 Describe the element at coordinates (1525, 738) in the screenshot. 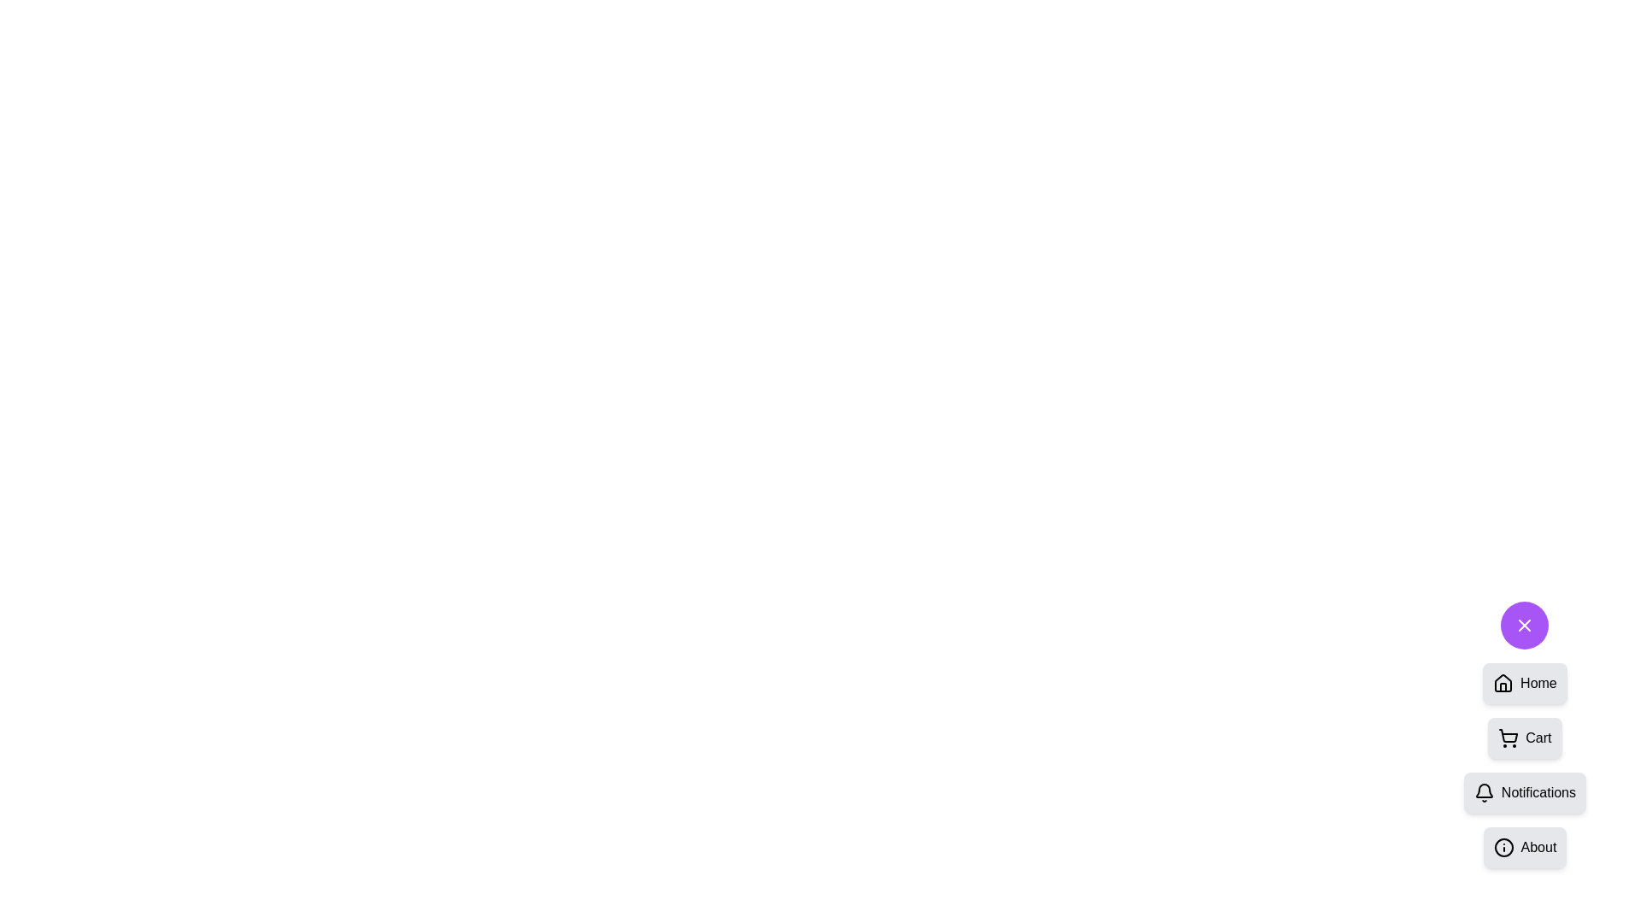

I see `the option Cart from the SpeedDial menu` at that location.